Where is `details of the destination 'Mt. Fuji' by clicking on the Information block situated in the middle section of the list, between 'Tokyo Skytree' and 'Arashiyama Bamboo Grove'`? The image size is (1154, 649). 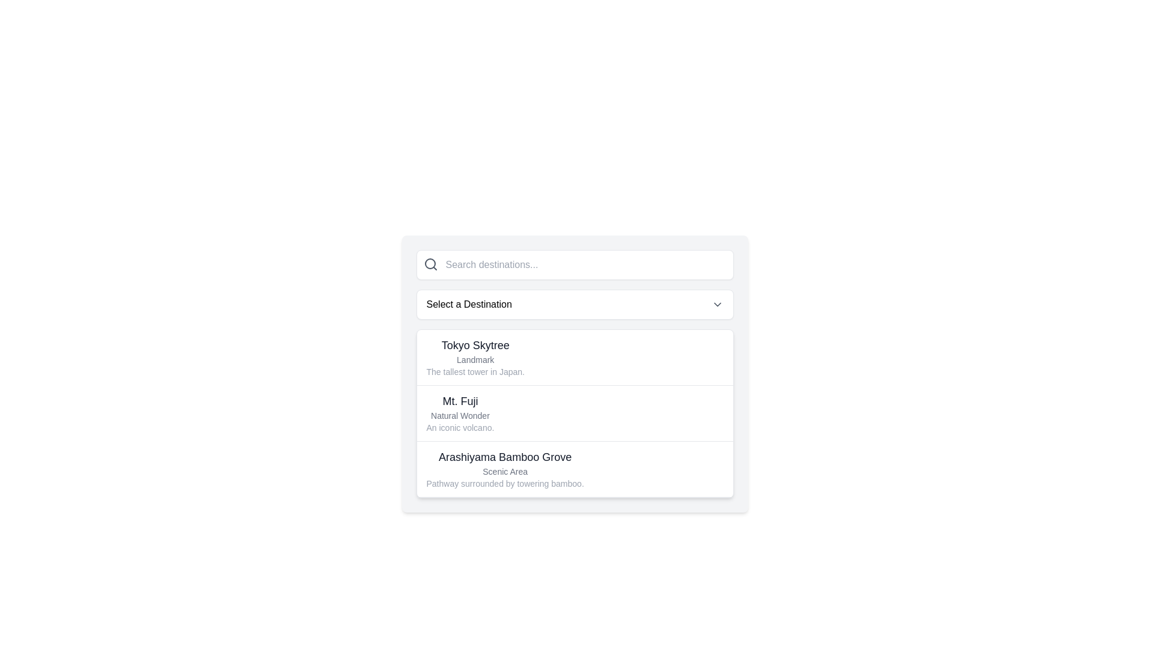
details of the destination 'Mt. Fuji' by clicking on the Information block situated in the middle section of the list, between 'Tokyo Skytree' and 'Arashiyama Bamboo Grove' is located at coordinates (459, 412).